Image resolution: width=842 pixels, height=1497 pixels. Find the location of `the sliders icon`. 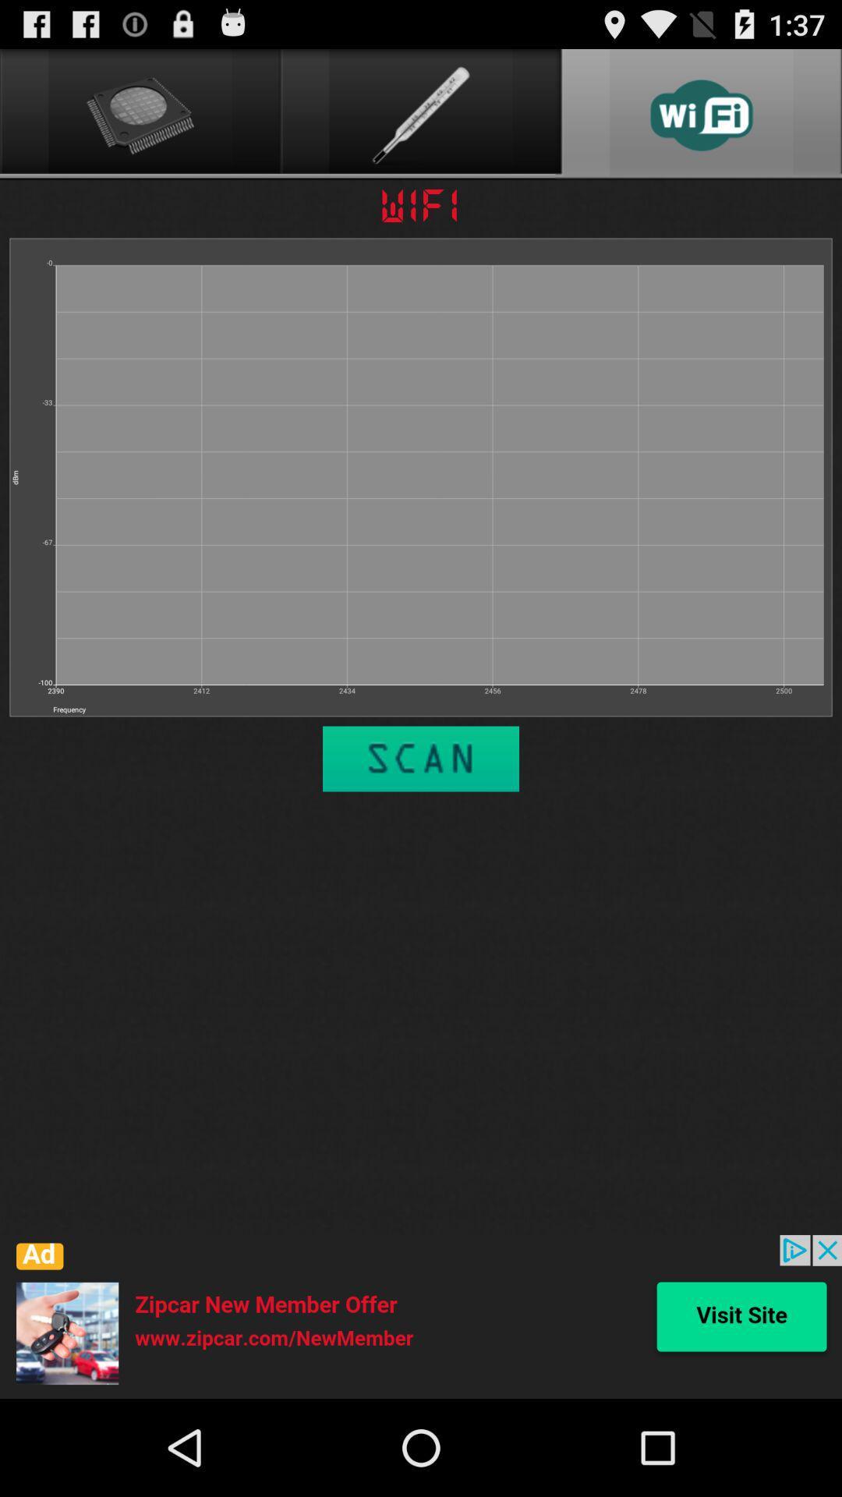

the sliders icon is located at coordinates (421, 811).